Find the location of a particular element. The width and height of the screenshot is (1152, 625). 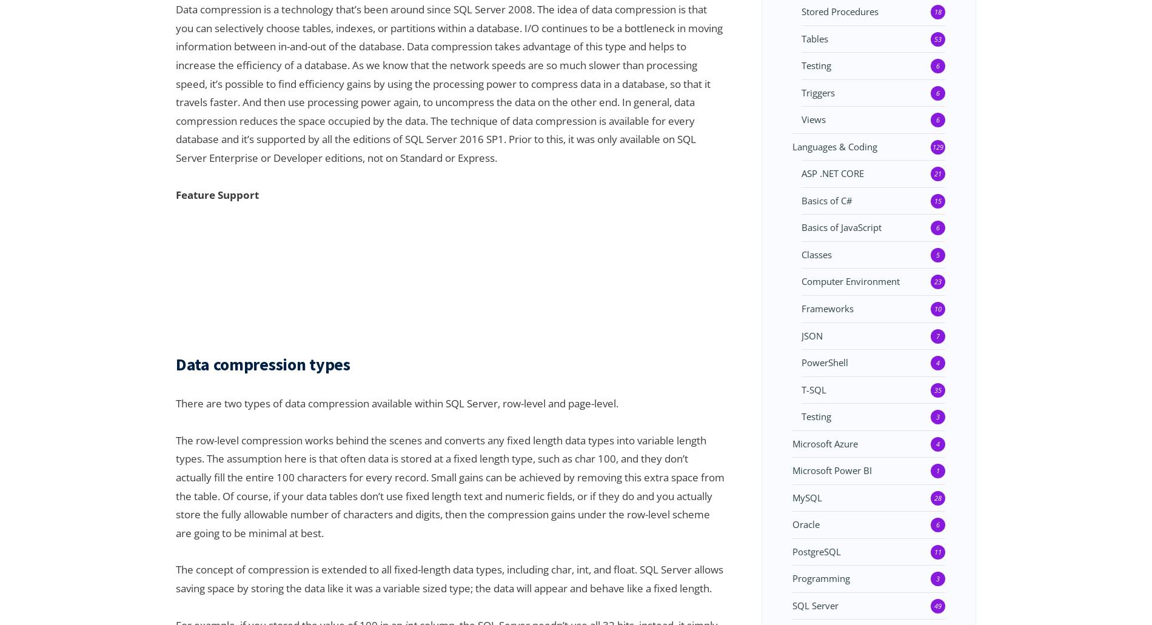

'15' is located at coordinates (937, 199).